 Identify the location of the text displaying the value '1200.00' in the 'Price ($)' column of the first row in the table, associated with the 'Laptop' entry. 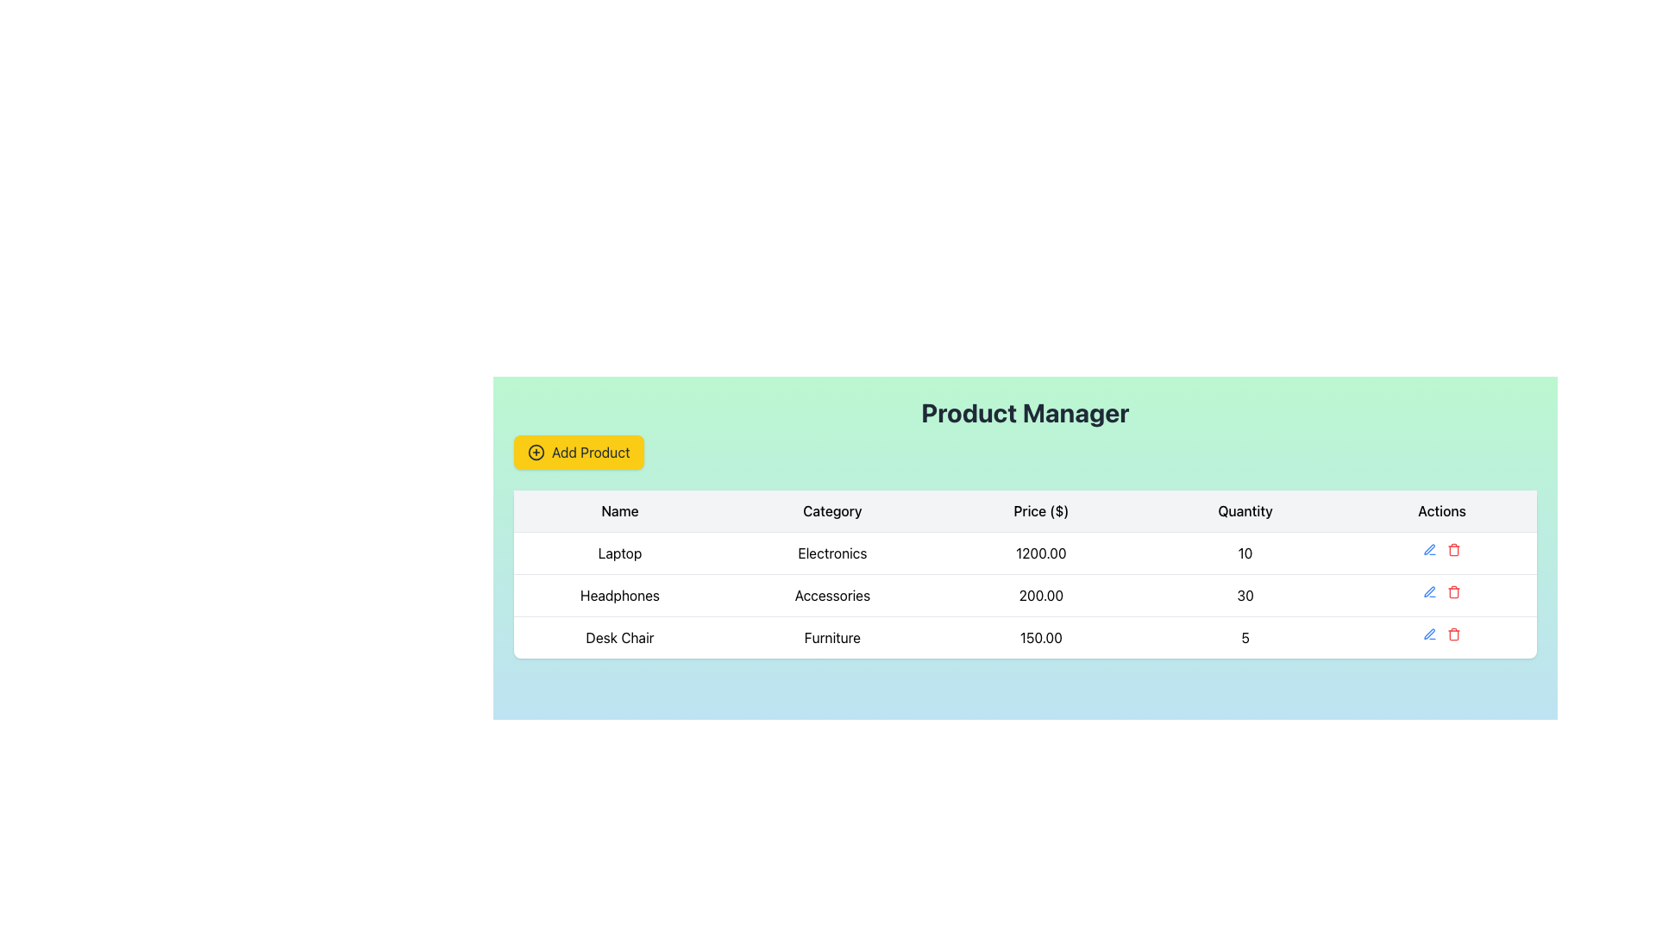
(1040, 553).